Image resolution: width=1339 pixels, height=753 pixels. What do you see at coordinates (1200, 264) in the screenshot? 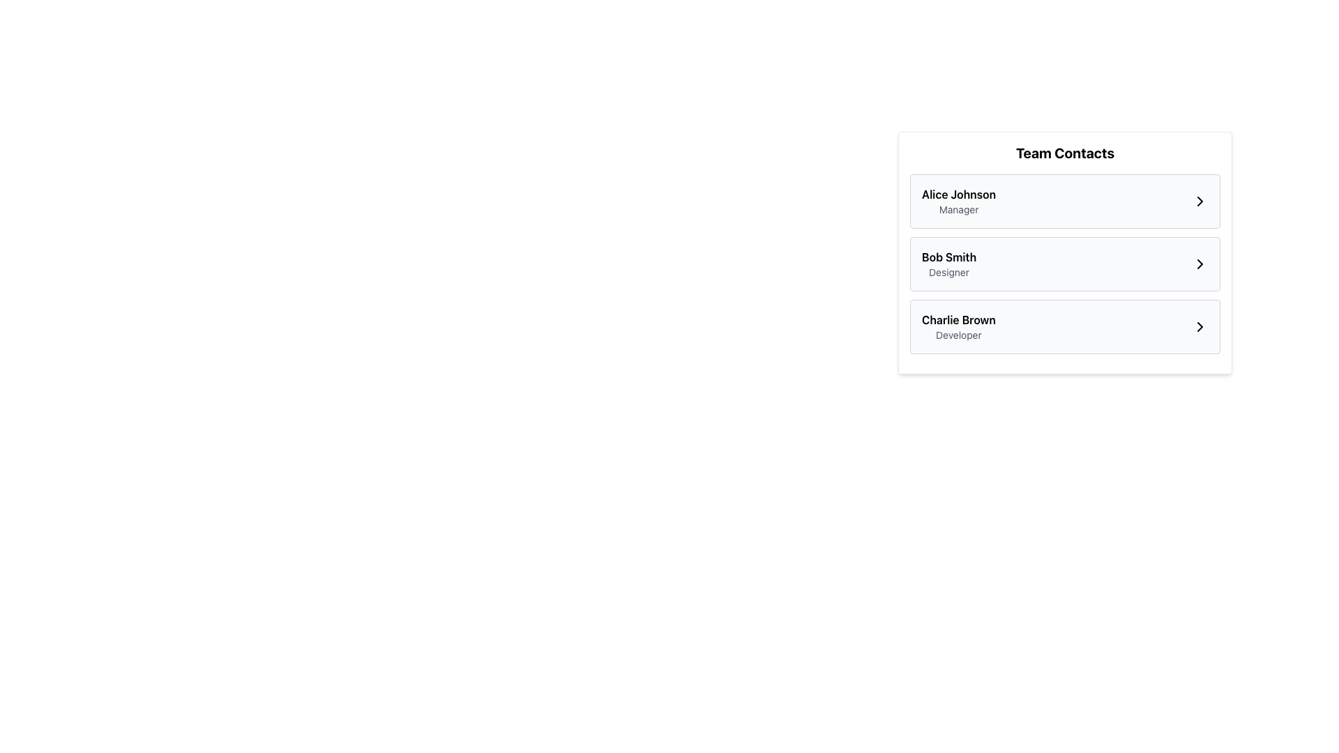
I see `the right-facing chevron icon located on the far right side of the card entry labeled 'Bob Smith - Designer' in the 'Team Contacts' list` at bounding box center [1200, 264].